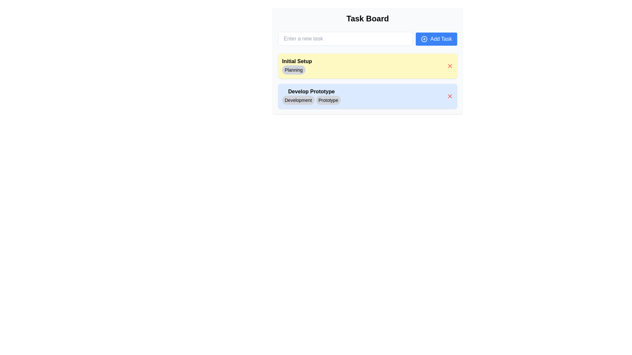 This screenshot has width=632, height=355. Describe the element at coordinates (293, 70) in the screenshot. I see `the pill-shaped label with the text 'Planning', which is styled with a light gray background and black text, located below the task title in the 'Initial Setup' section` at that location.